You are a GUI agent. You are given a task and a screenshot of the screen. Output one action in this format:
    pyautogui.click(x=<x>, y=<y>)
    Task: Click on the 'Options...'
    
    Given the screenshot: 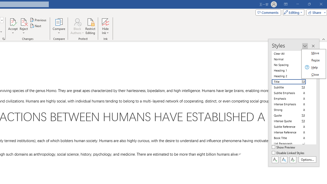 What is the action you would take?
    pyautogui.click(x=307, y=159)
    